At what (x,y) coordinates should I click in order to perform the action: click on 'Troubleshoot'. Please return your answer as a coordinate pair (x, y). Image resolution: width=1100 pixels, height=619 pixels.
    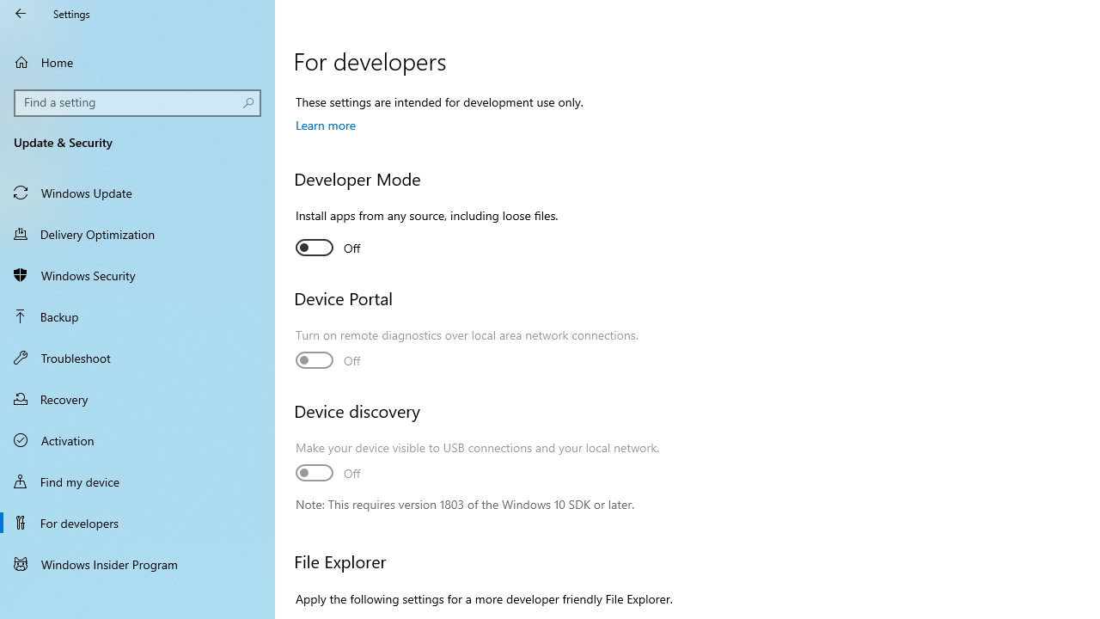
    Looking at the image, I should click on (137, 356).